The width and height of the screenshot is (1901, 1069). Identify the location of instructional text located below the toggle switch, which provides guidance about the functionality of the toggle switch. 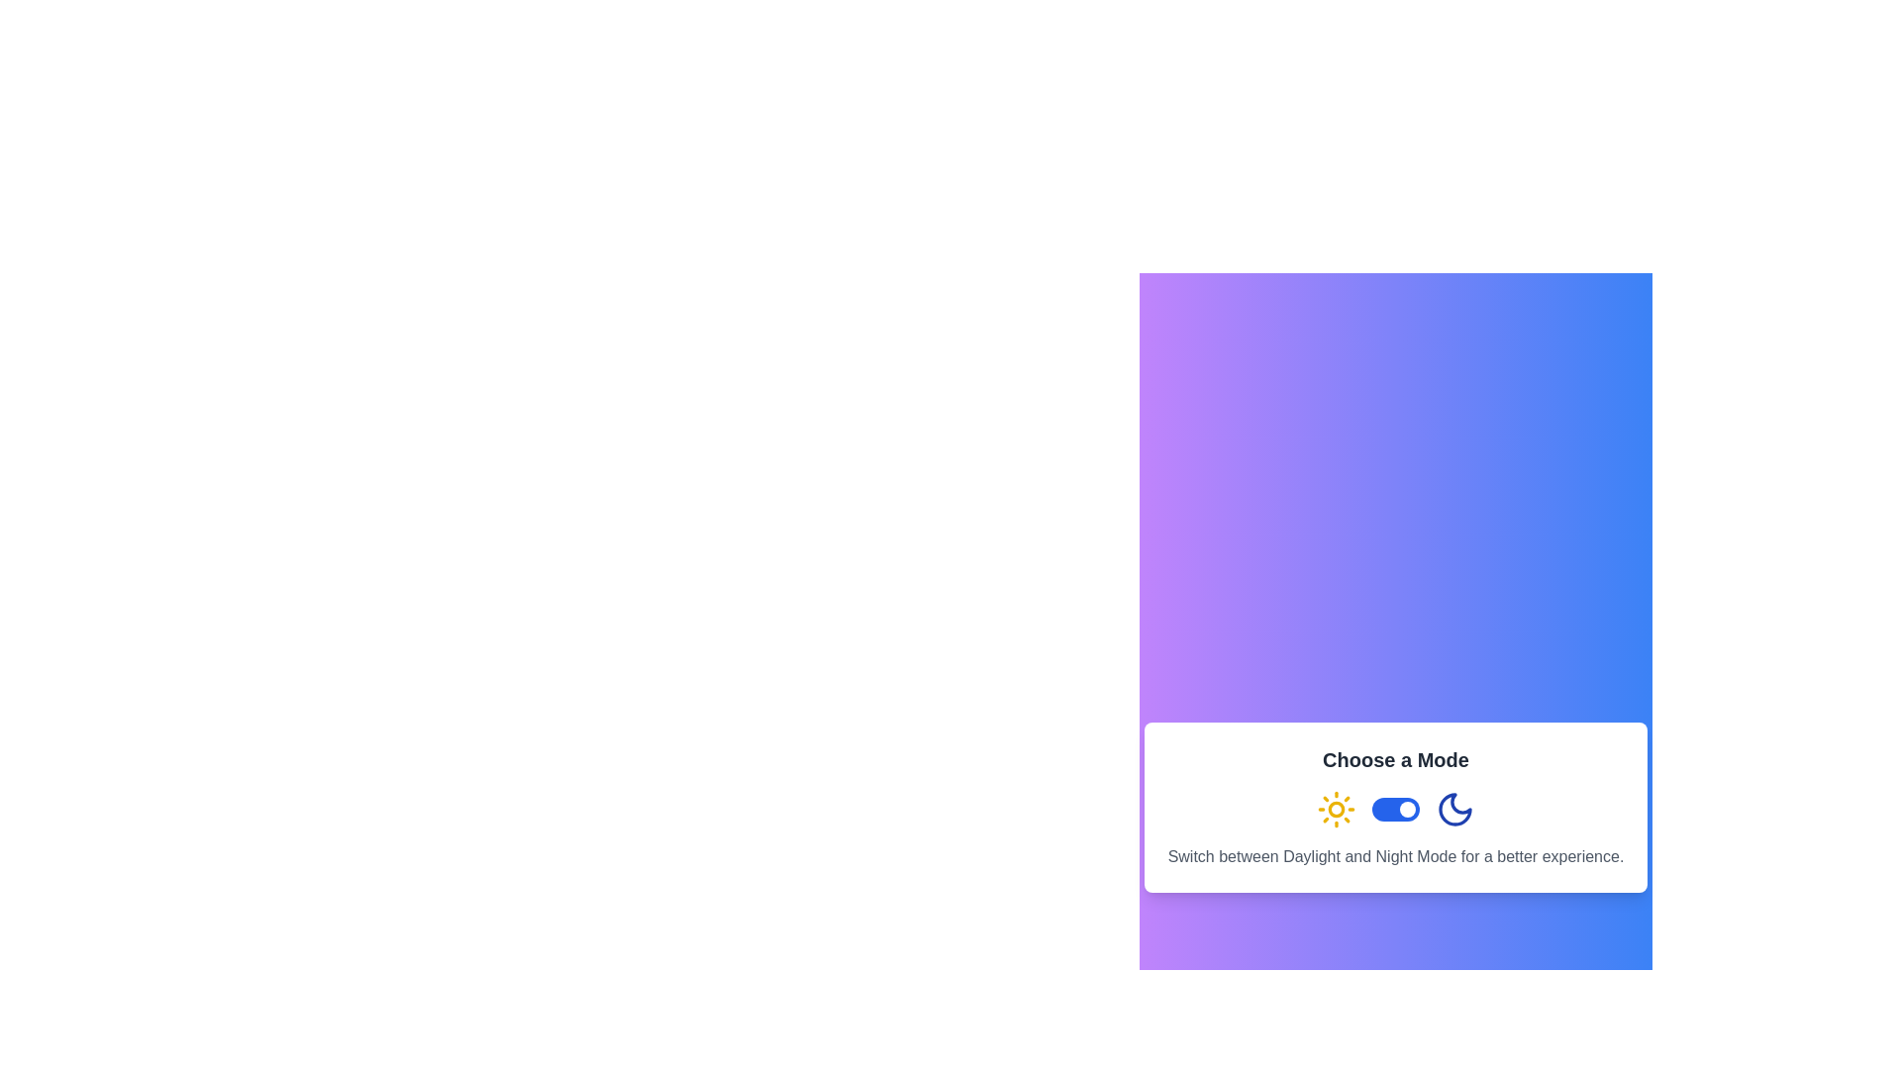
(1395, 856).